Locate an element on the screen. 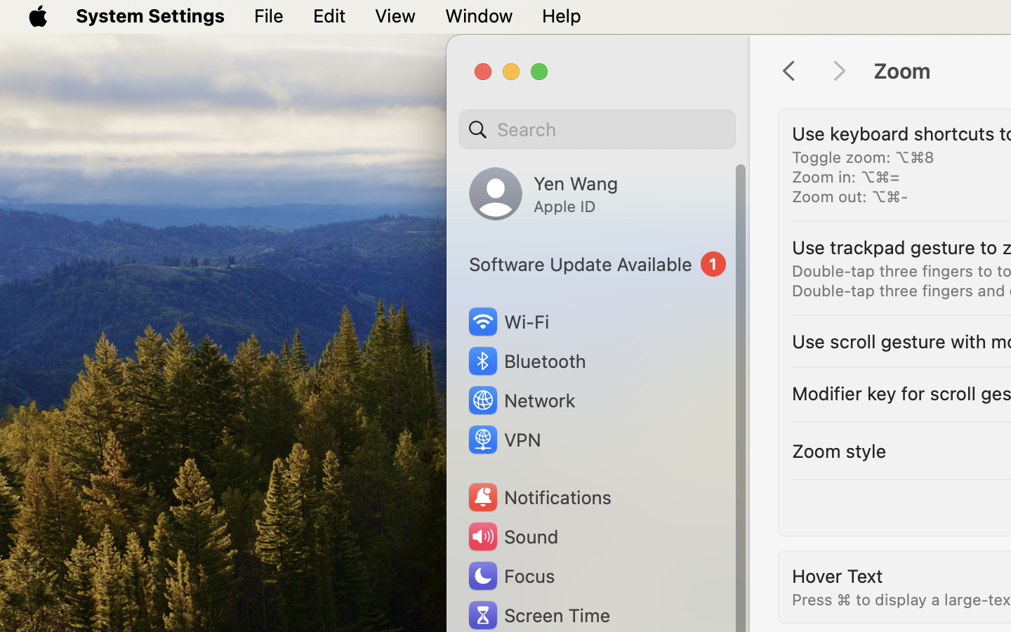 The height and width of the screenshot is (632, 1011). 'Bluetooth' is located at coordinates (525, 360).